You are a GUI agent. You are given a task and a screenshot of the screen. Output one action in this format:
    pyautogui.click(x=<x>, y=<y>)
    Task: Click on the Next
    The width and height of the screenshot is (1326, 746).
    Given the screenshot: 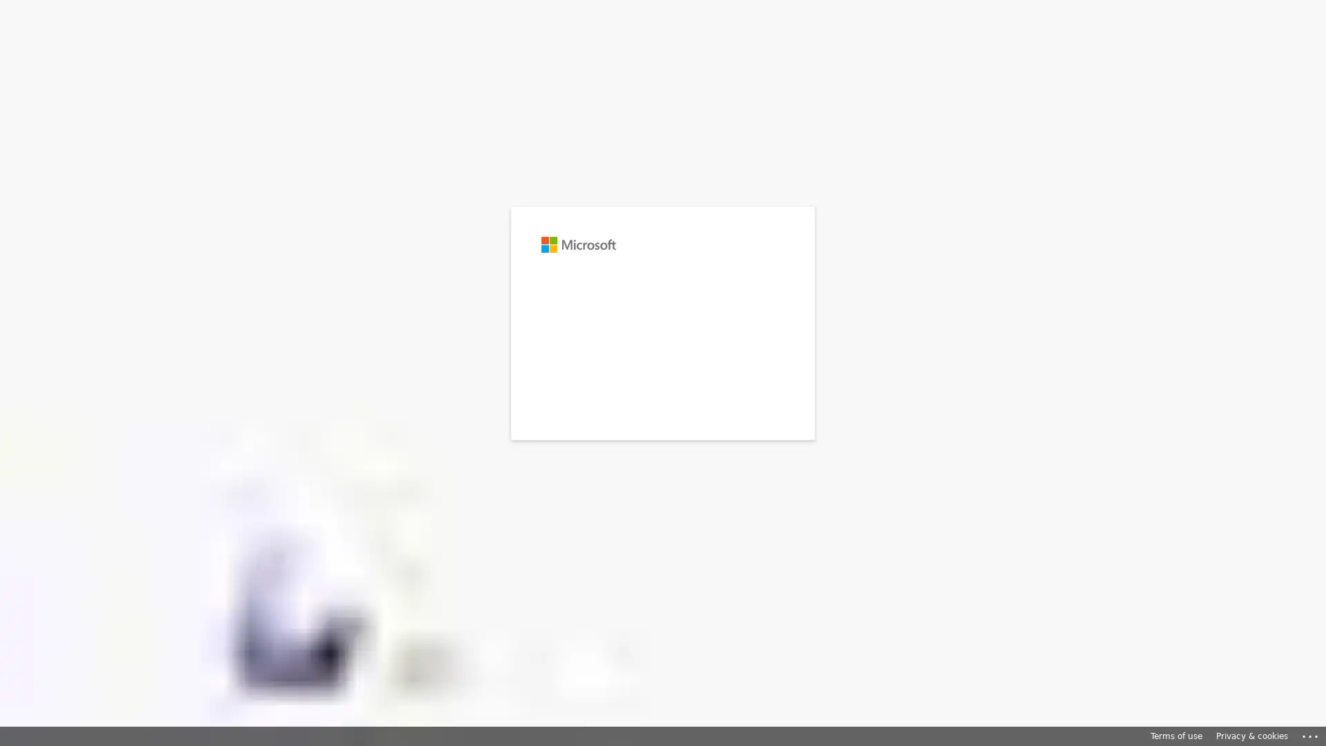 What is the action you would take?
    pyautogui.click(x=746, y=396)
    